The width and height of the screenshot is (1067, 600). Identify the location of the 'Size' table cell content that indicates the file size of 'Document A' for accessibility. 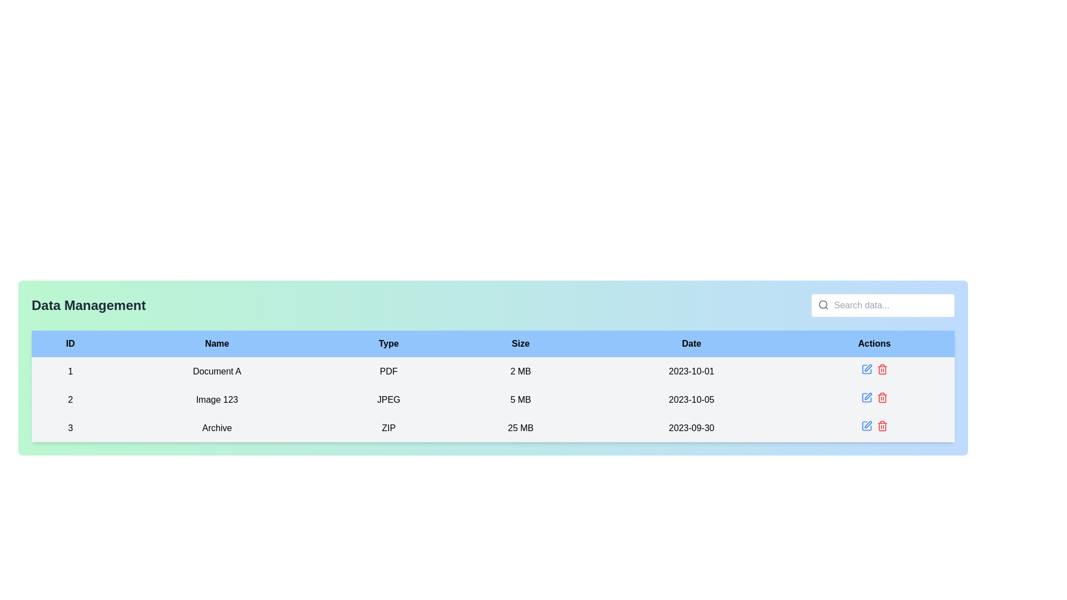
(520, 371).